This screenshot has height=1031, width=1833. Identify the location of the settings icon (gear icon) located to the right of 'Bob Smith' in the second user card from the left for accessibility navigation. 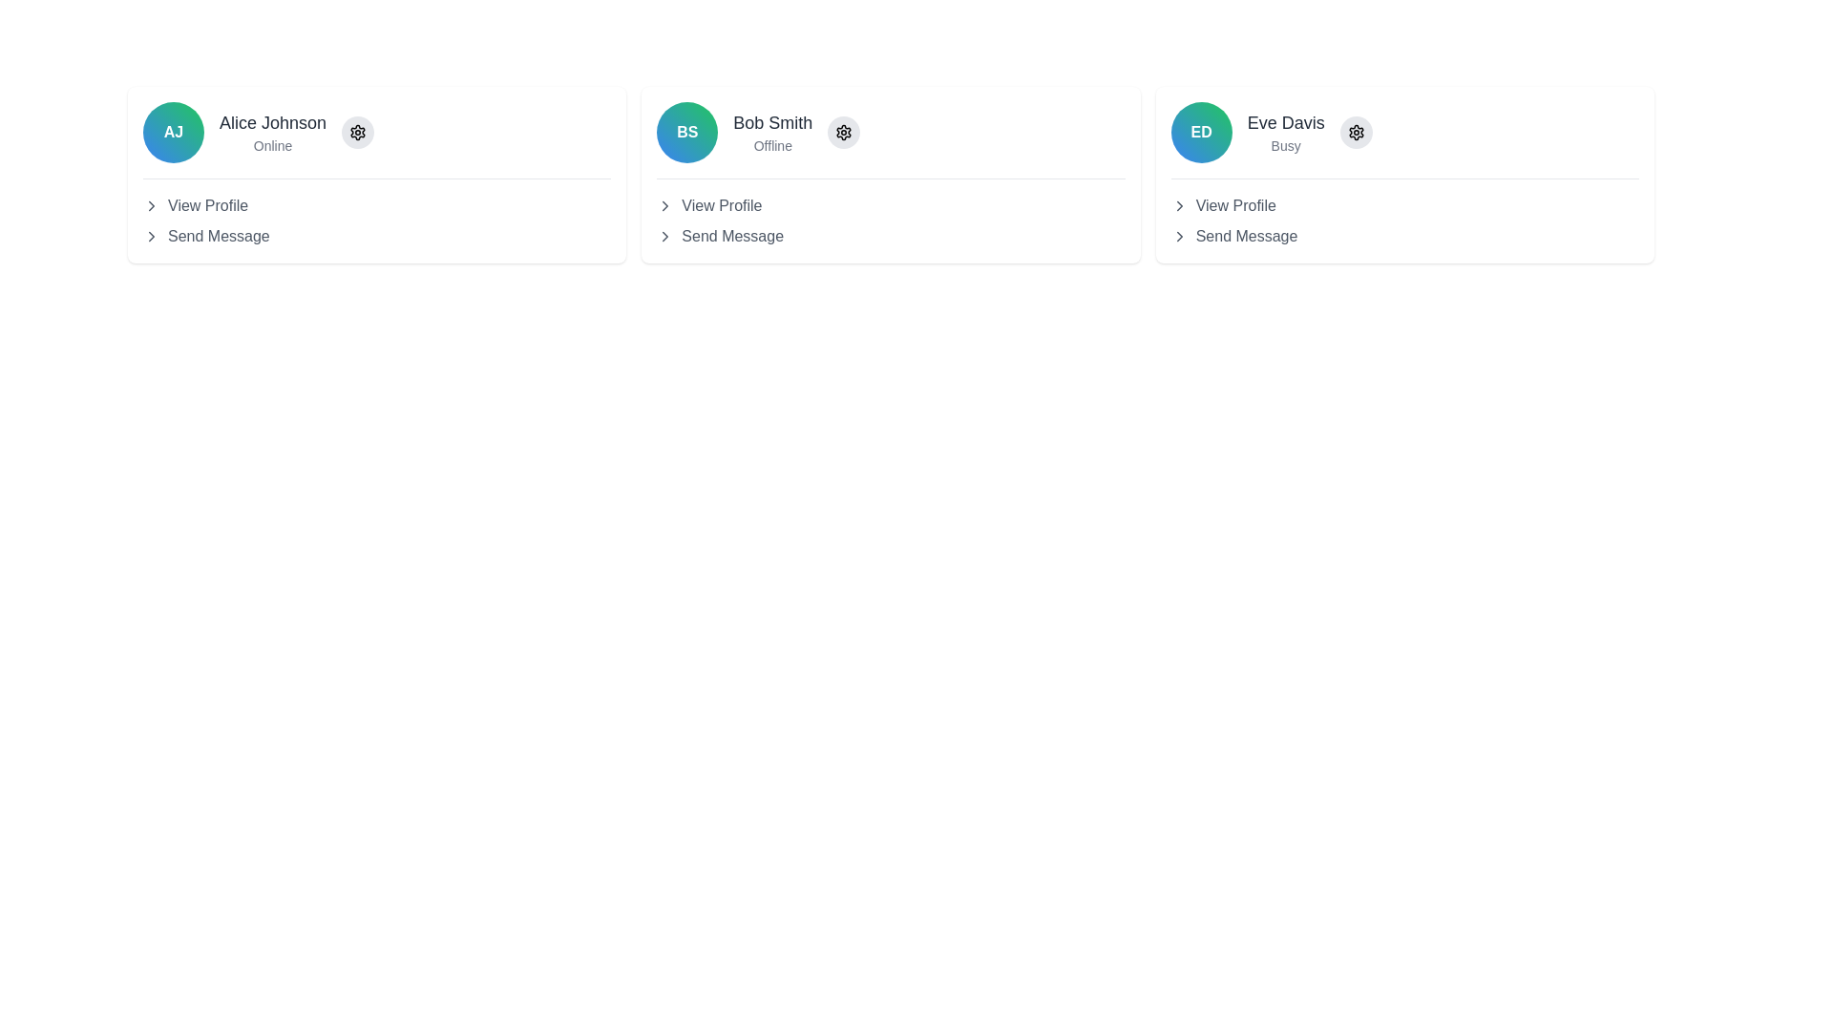
(843, 131).